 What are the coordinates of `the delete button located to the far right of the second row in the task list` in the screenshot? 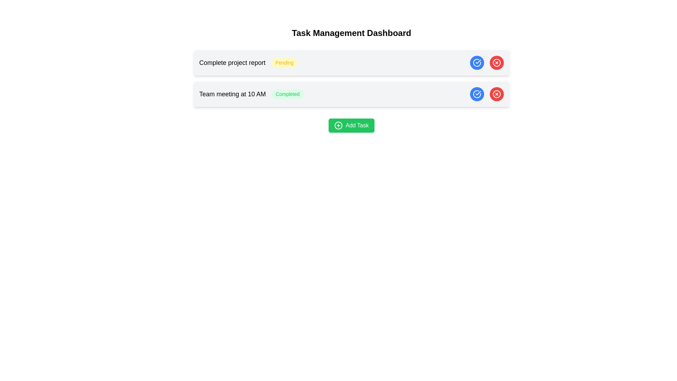 It's located at (496, 62).